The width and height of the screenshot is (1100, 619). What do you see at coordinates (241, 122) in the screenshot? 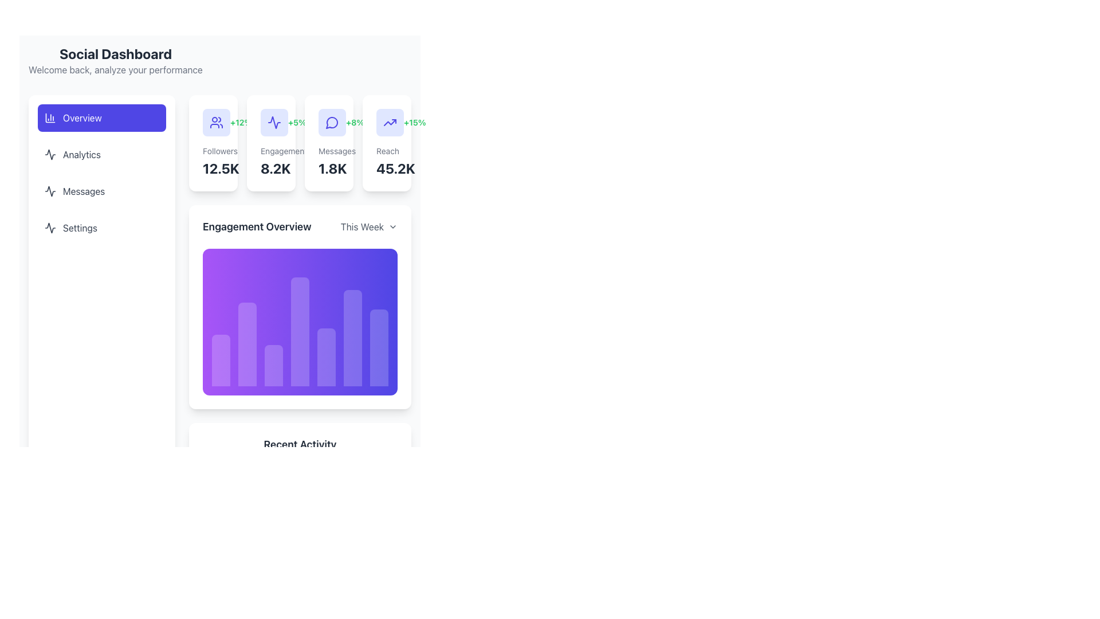
I see `the green text label element reading '+12%' which is located in the upper portion of the dashboard interface adjacent to the user icon` at bounding box center [241, 122].